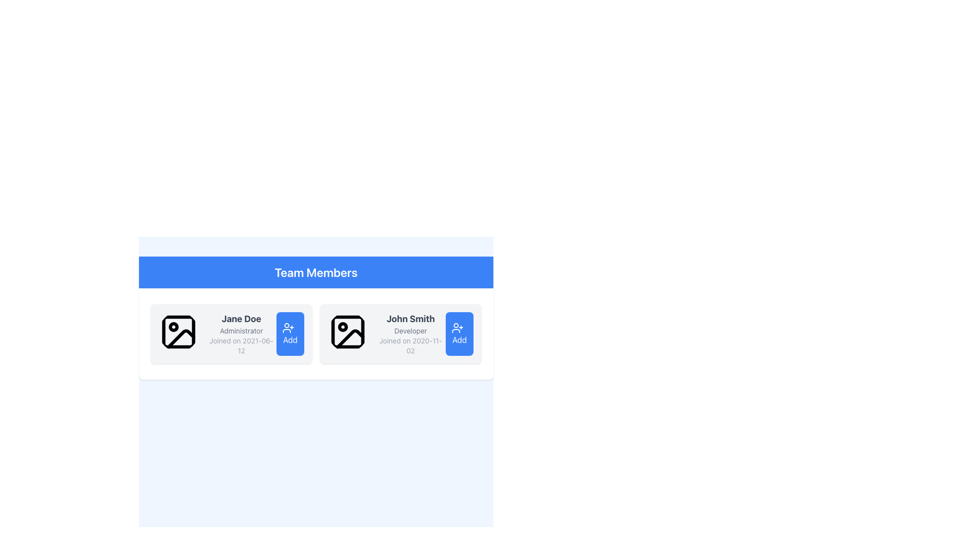 Image resolution: width=953 pixels, height=536 pixels. Describe the element at coordinates (410, 331) in the screenshot. I see `the text label indicating the role or designation associated with the user, which is located beneath 'John Smith' and above 'Joined on 2020-11-02' in the user card` at that location.